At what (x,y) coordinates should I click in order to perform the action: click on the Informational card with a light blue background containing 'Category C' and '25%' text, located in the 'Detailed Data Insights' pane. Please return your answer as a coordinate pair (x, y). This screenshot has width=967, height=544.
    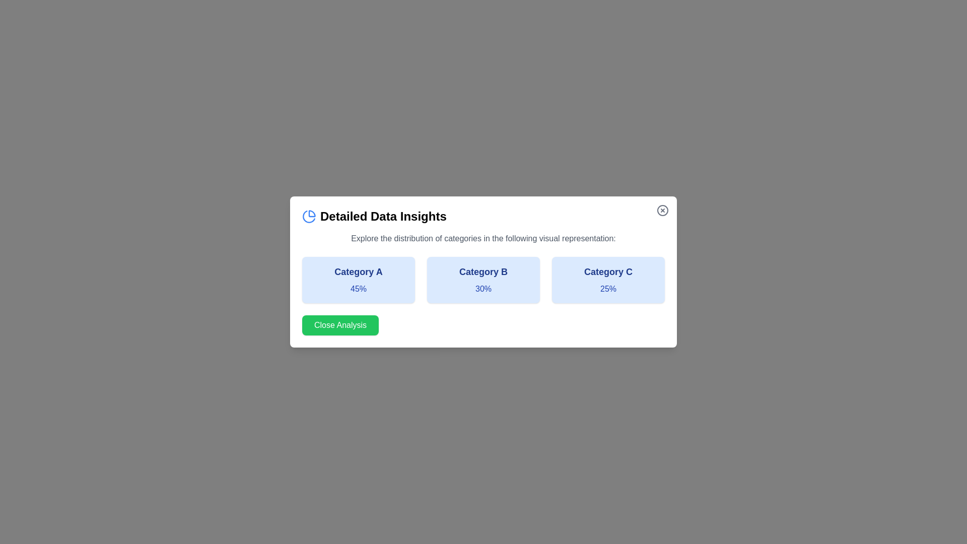
    Looking at the image, I should click on (608, 280).